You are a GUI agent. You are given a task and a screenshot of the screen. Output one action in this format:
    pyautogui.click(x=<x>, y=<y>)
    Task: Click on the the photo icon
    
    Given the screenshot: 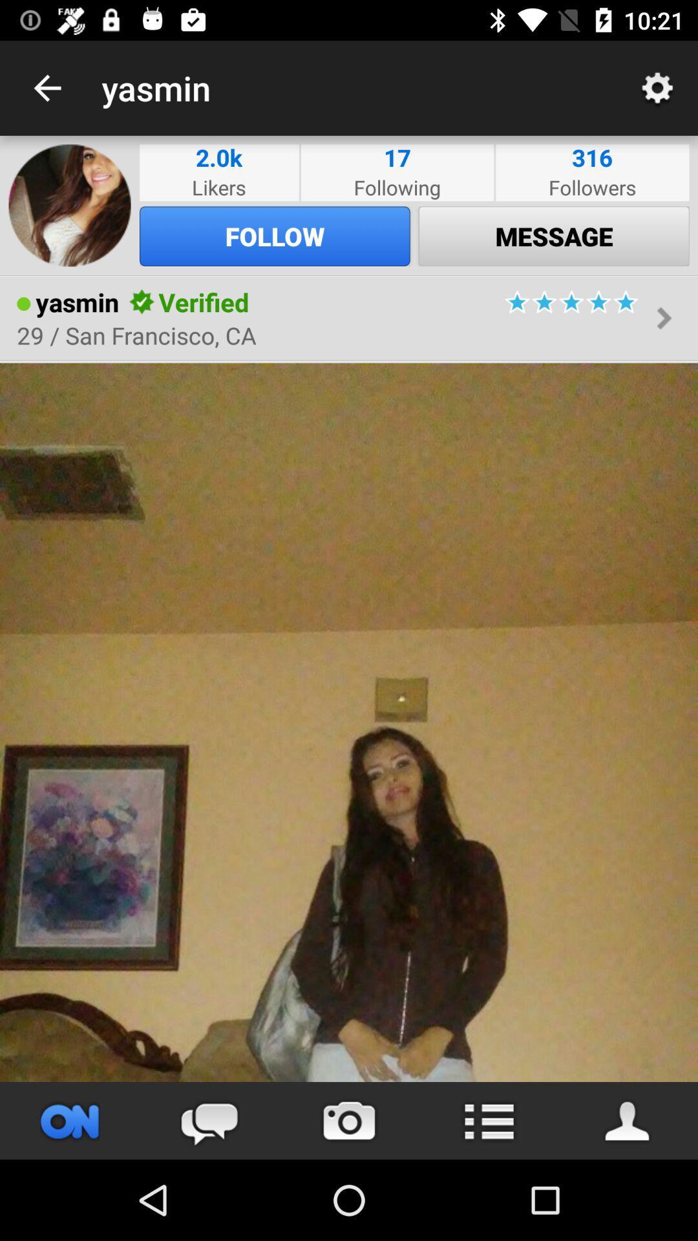 What is the action you would take?
    pyautogui.click(x=349, y=1120)
    